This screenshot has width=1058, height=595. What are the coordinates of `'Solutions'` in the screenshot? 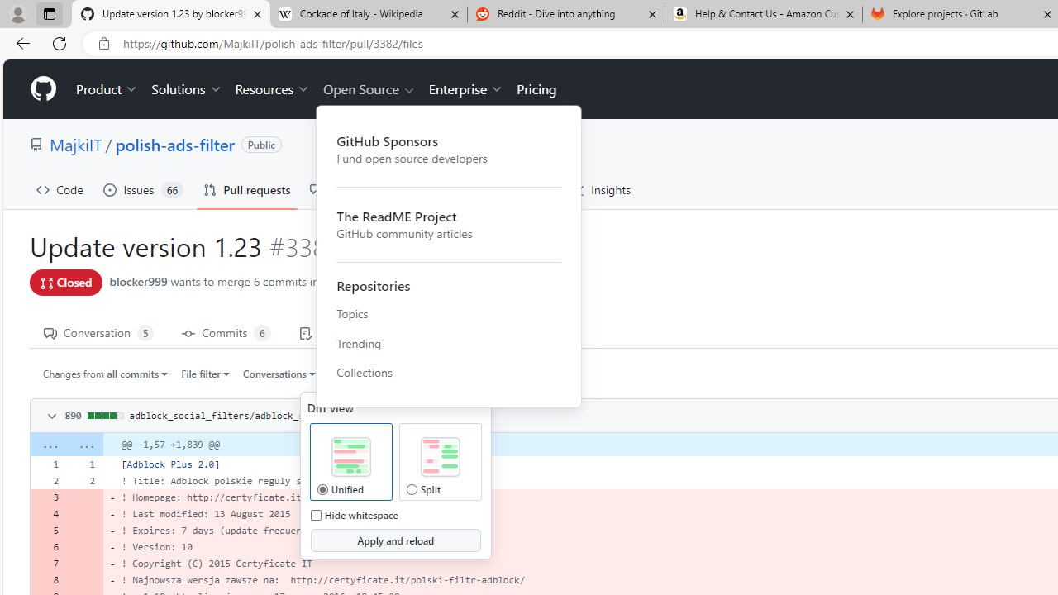 It's located at (186, 89).